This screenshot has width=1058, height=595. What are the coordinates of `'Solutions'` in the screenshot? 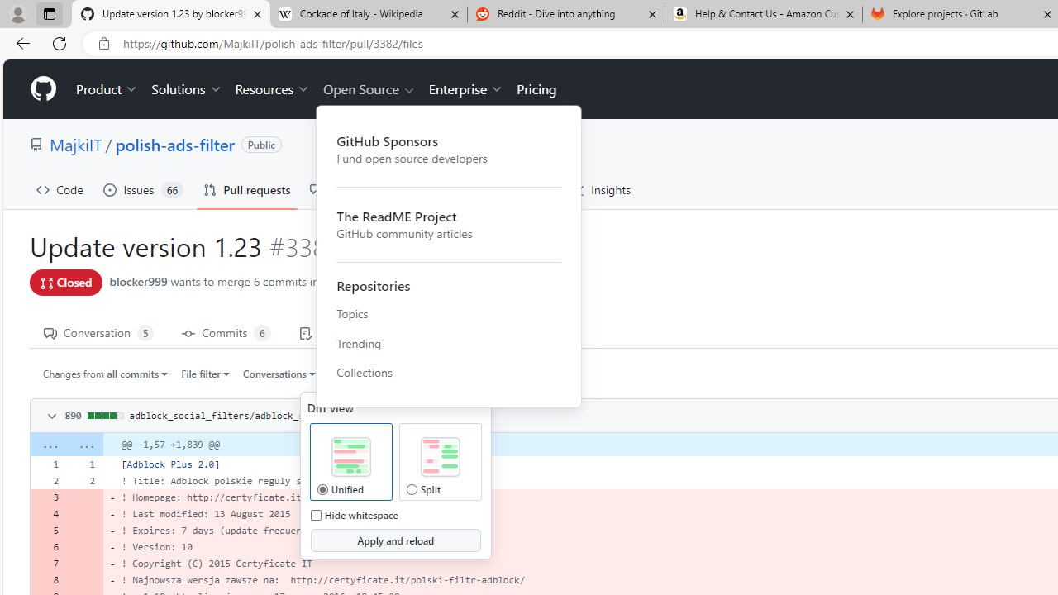 It's located at (186, 89).